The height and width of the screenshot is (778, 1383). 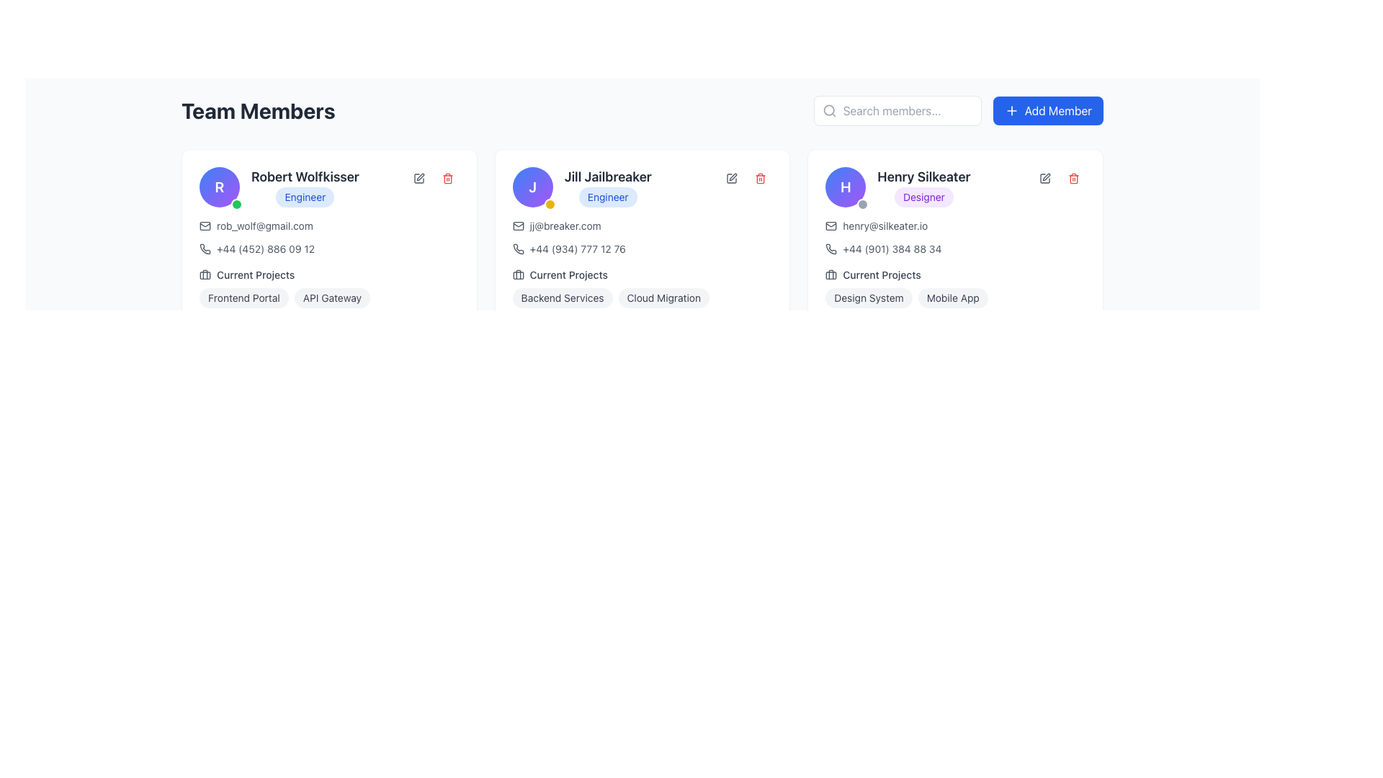 What do you see at coordinates (258, 110) in the screenshot?
I see `the bold heading labeled 'Team Members' positioned at the top-left of the interface, above the list of team member cards` at bounding box center [258, 110].